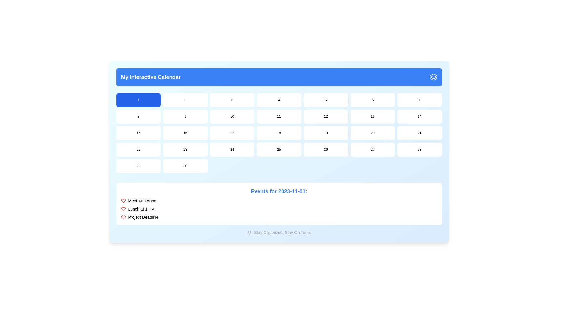 The width and height of the screenshot is (566, 318). What do you see at coordinates (372, 100) in the screenshot?
I see `the interactive button located in the first row and sixth column of the calendar grid` at bounding box center [372, 100].